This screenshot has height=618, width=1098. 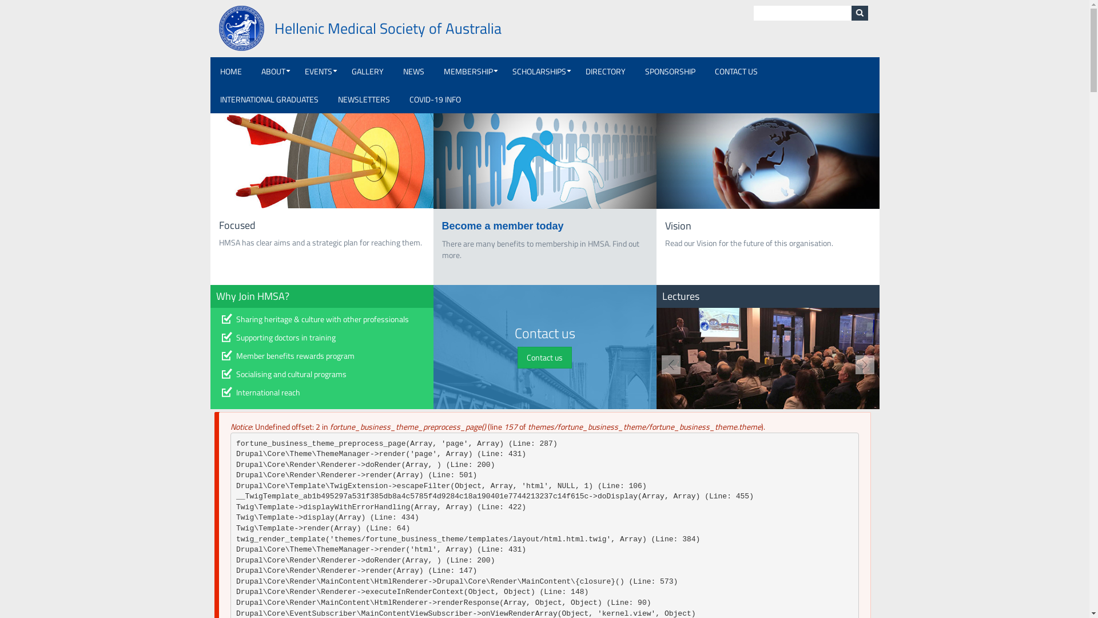 I want to click on 'Enter the terms you wish to search for.', so click(x=802, y=13).